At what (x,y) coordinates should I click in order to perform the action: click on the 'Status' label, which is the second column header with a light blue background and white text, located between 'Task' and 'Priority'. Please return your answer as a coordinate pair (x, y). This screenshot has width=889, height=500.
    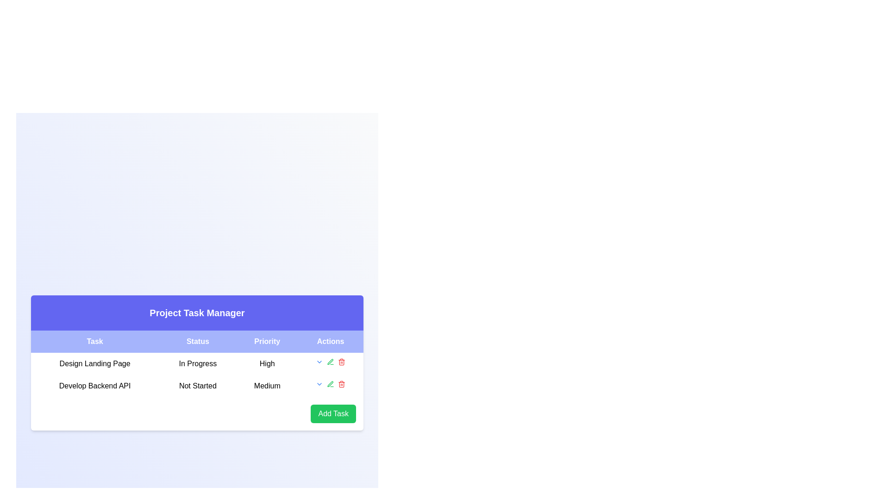
    Looking at the image, I should click on (197, 341).